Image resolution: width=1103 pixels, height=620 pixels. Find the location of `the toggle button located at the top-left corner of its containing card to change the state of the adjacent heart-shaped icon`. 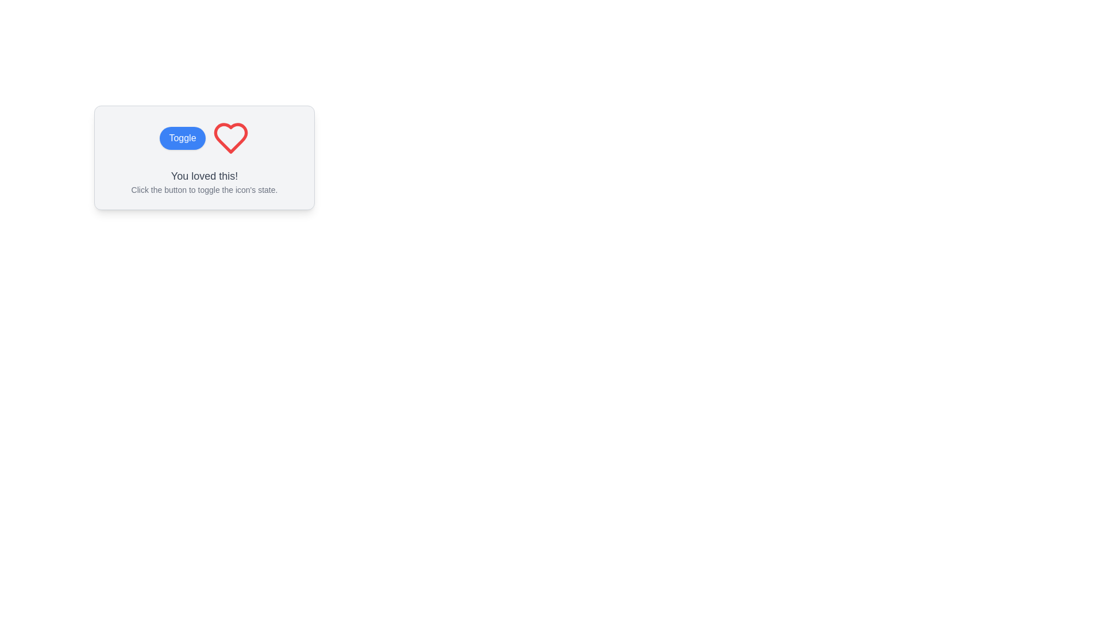

the toggle button located at the top-left corner of its containing card to change the state of the adjacent heart-shaped icon is located at coordinates (182, 137).